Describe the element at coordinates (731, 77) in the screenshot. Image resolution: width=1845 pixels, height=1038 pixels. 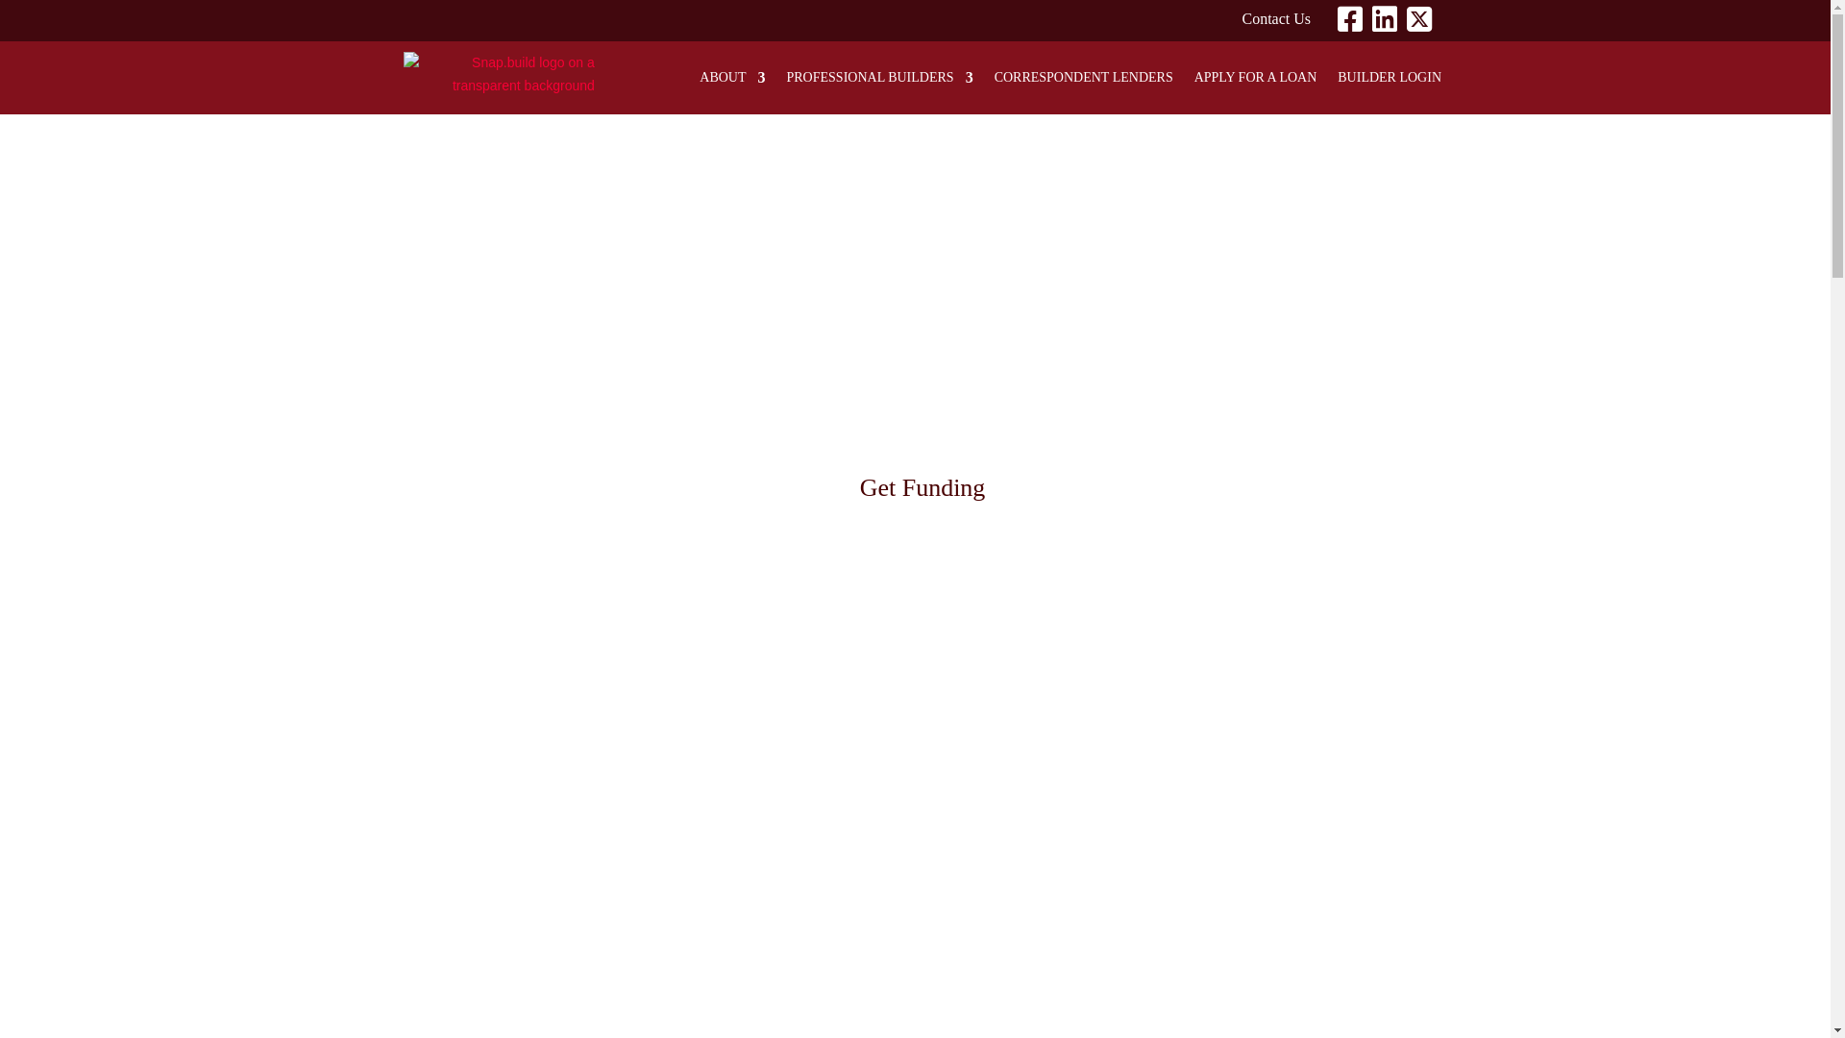
I see `'ABOUT'` at that location.